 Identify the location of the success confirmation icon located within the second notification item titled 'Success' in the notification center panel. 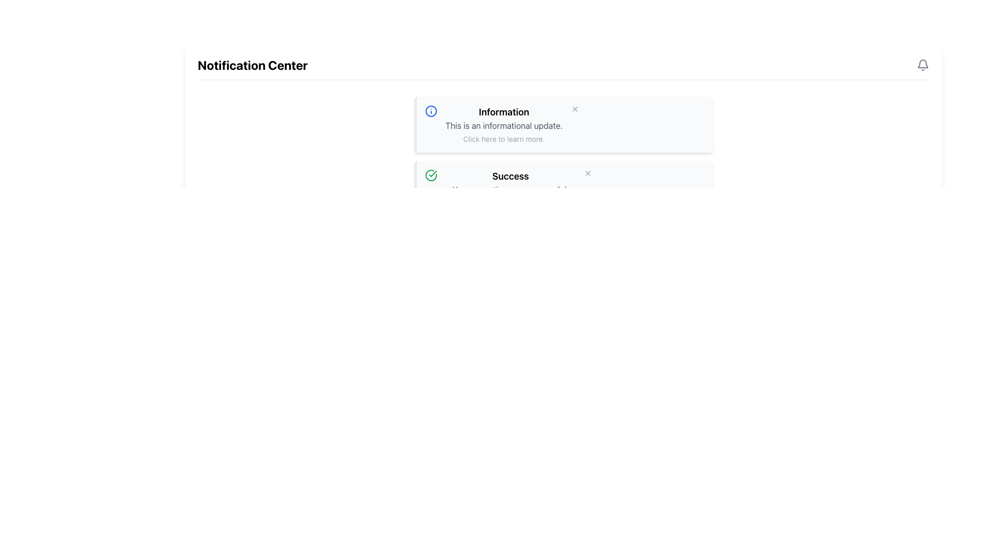
(432, 173).